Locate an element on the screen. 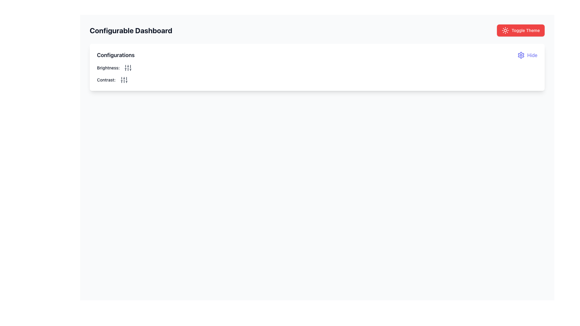 Image resolution: width=580 pixels, height=326 pixels. the vertical sliders icon associated with the 'Brightness' label, which is styled with three vertical lines of varying lengths and is positioned to the right of the 'Brightness:' text is located at coordinates (128, 68).